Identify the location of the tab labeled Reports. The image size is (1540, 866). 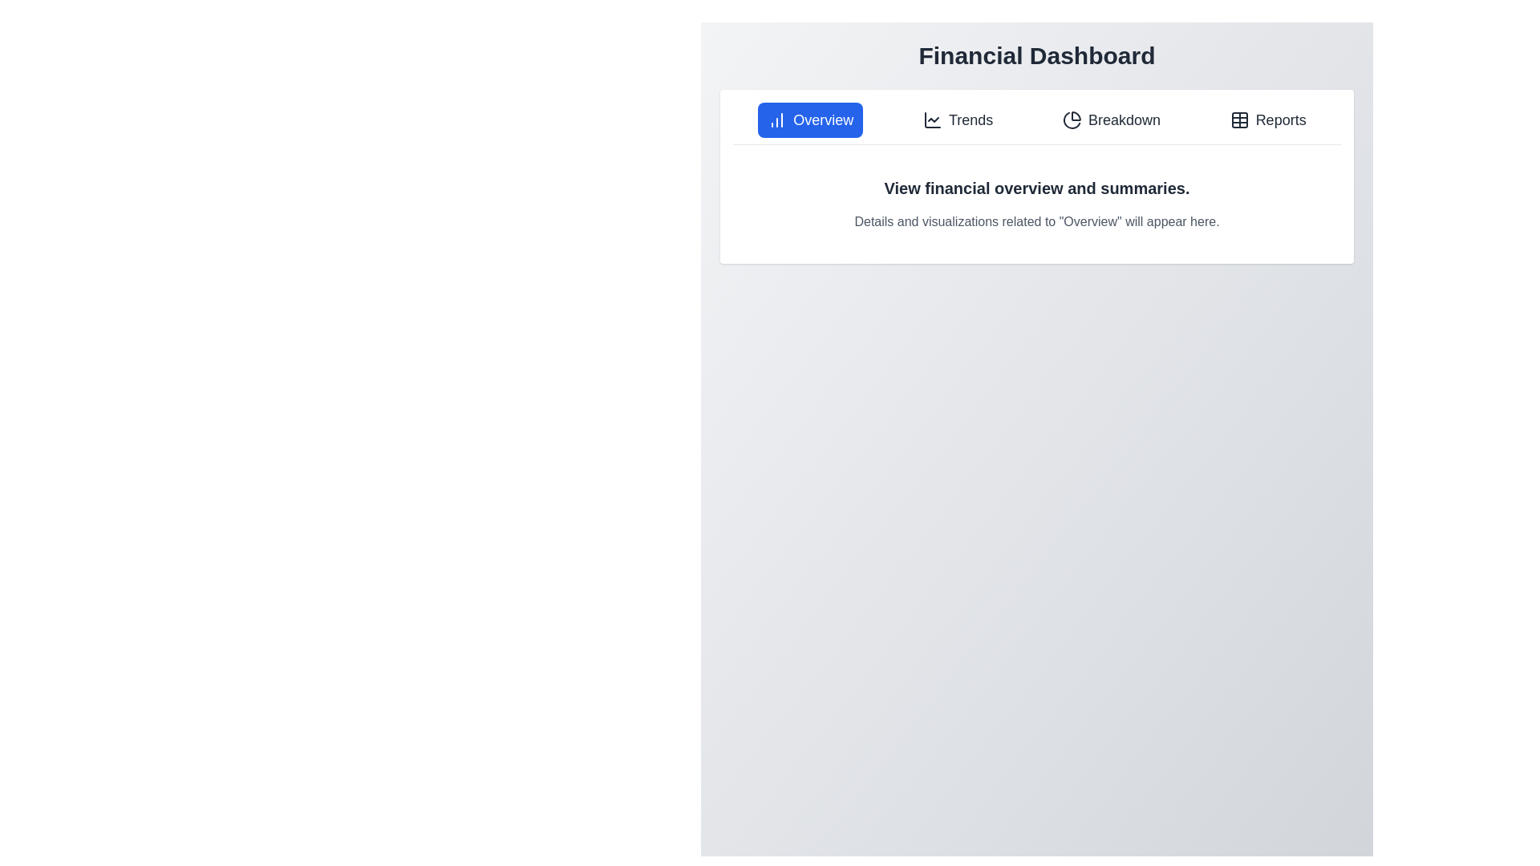
(1267, 119).